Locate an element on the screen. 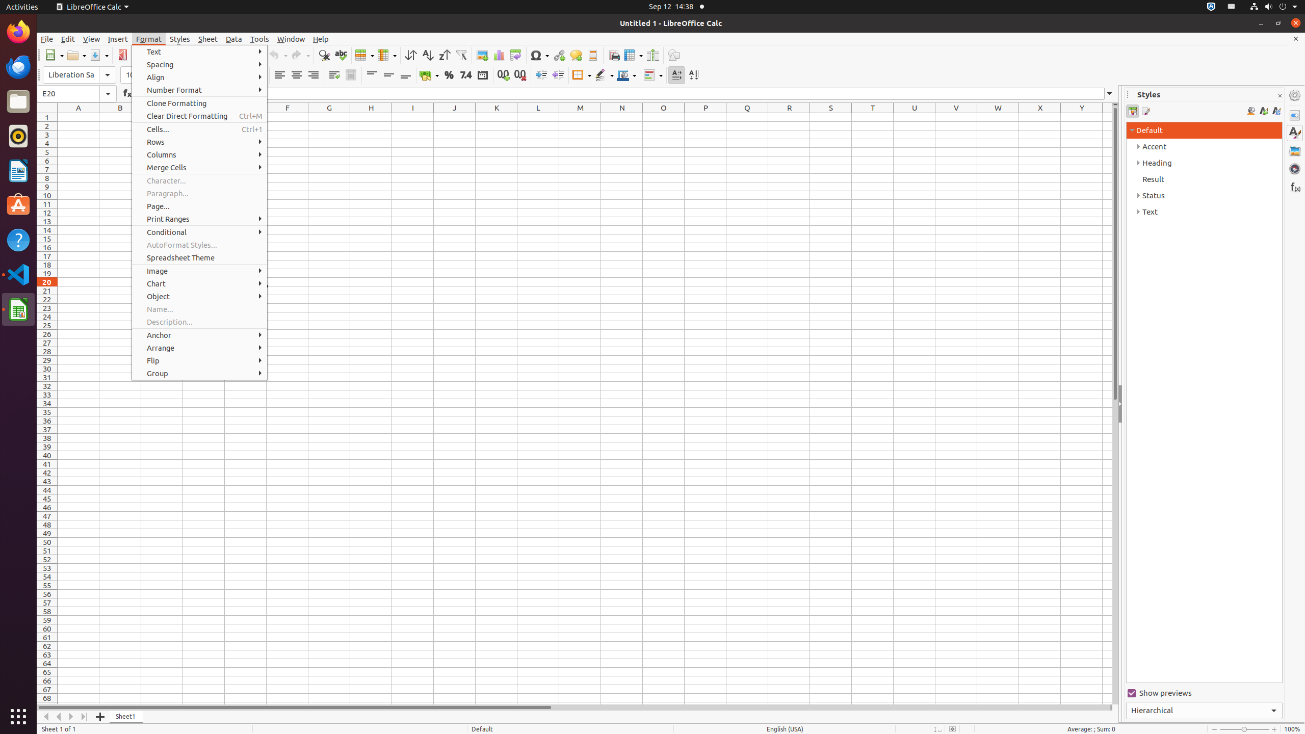 The height and width of the screenshot is (734, 1305). 'Spelling' is located at coordinates (341, 55).